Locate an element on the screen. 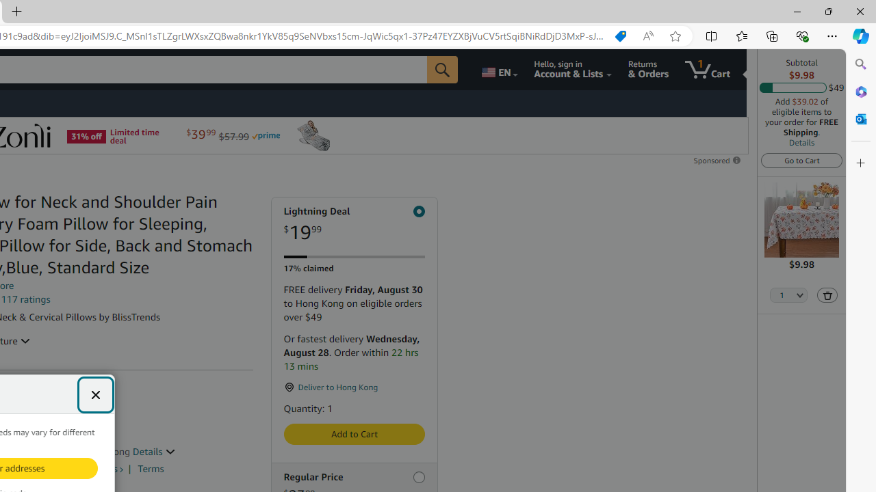  '1 item in cart' is located at coordinates (708, 69).